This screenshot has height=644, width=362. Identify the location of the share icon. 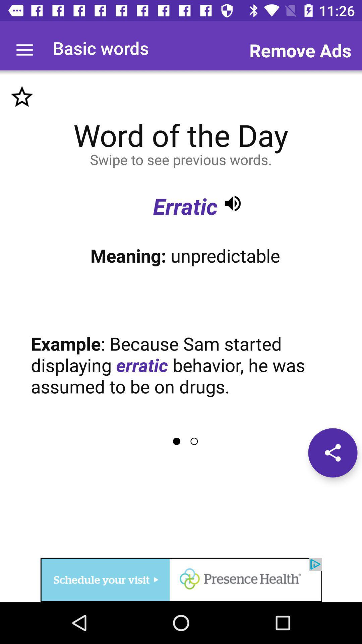
(333, 452).